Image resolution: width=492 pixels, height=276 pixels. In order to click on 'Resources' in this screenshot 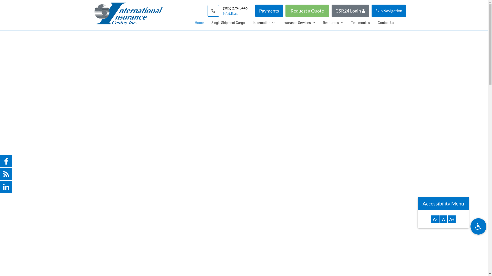, I will do `click(333, 22)`.